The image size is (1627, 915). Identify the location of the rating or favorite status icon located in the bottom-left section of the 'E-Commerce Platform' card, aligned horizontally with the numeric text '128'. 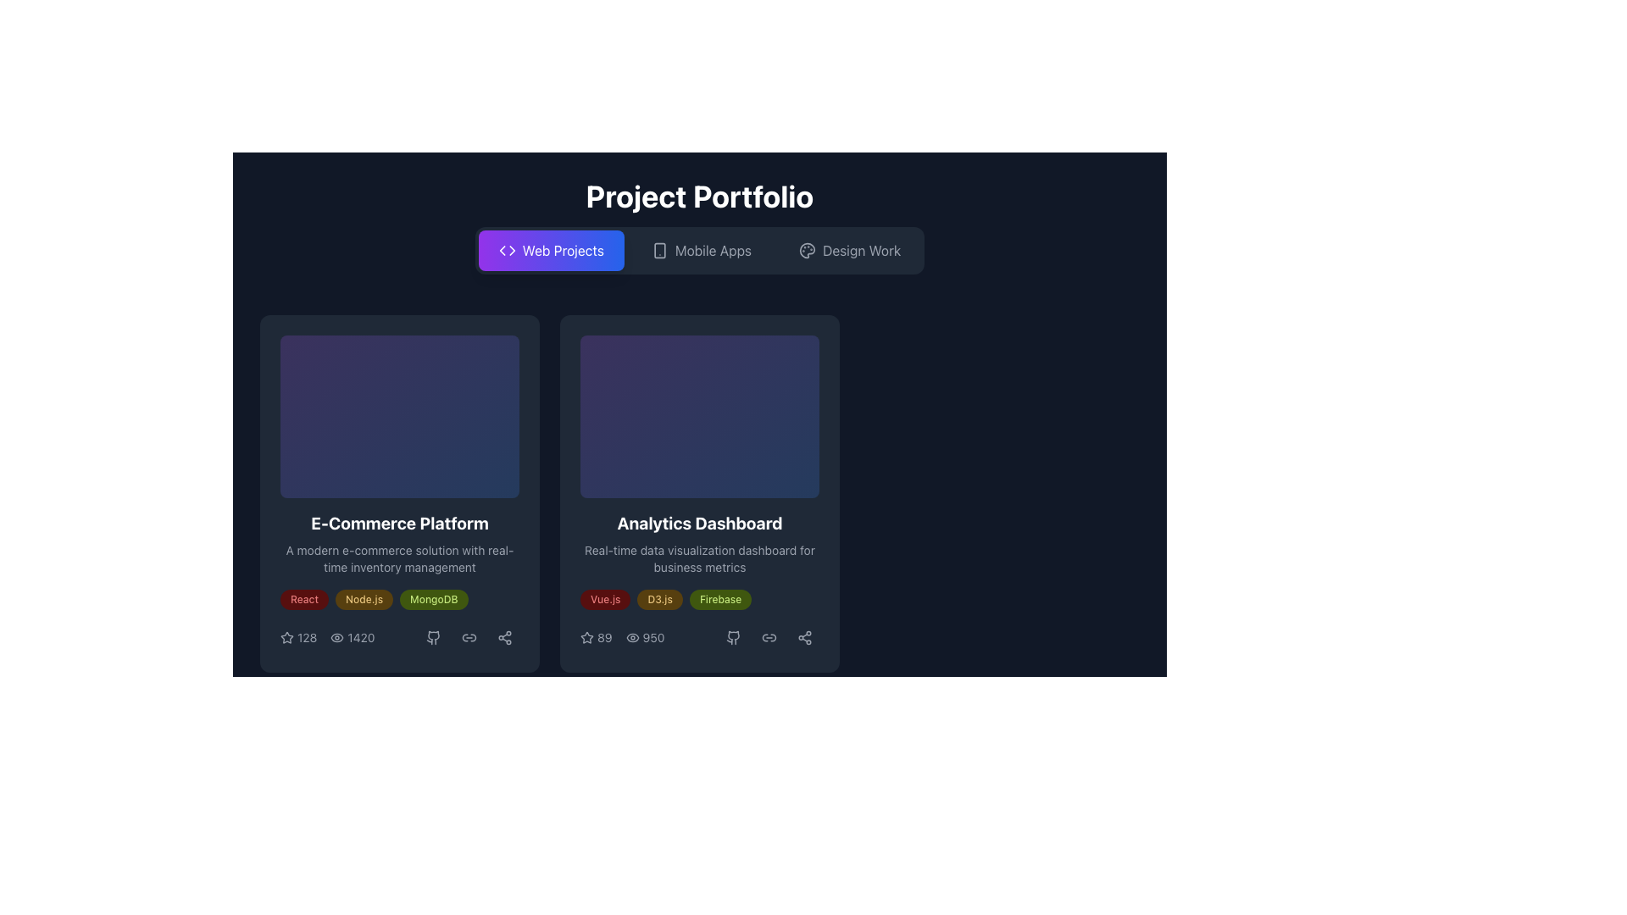
(586, 637).